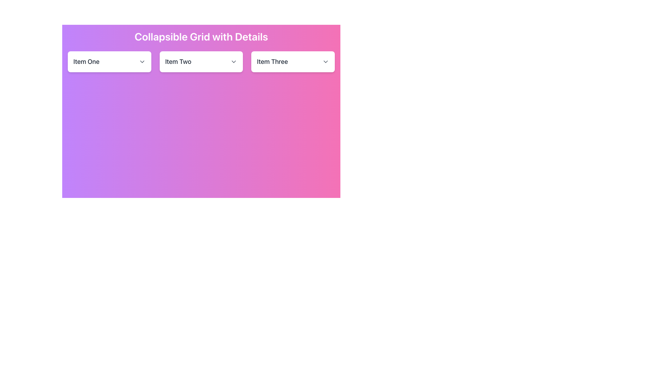  Describe the element at coordinates (201, 61) in the screenshot. I see `the central Dropdown Menu element` at that location.